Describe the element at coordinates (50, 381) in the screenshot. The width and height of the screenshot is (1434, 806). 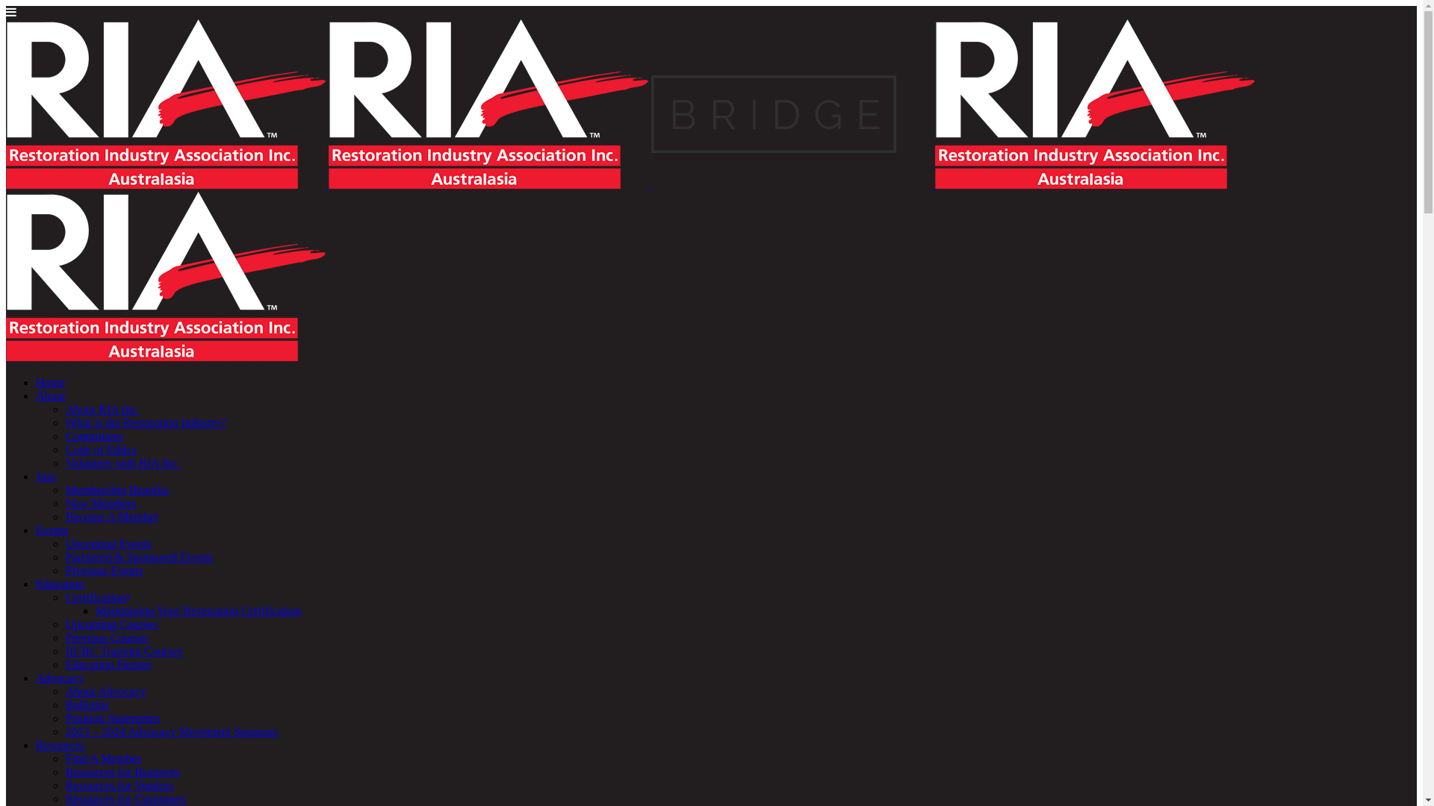
I see `'Home'` at that location.